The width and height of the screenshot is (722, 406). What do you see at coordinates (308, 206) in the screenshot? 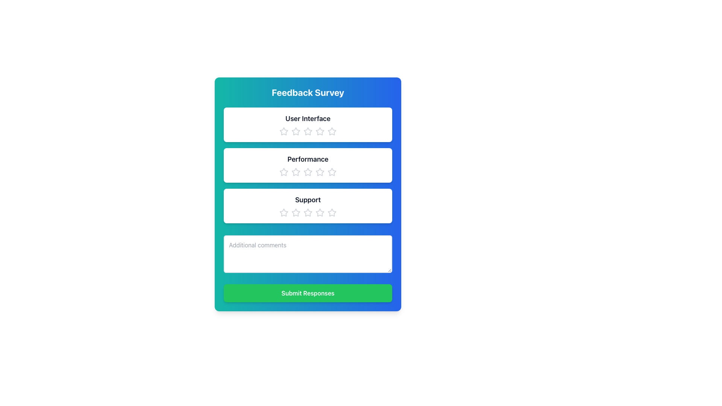
I see `the stars in the rating system card for 'Support' on the feedback survey interface` at bounding box center [308, 206].